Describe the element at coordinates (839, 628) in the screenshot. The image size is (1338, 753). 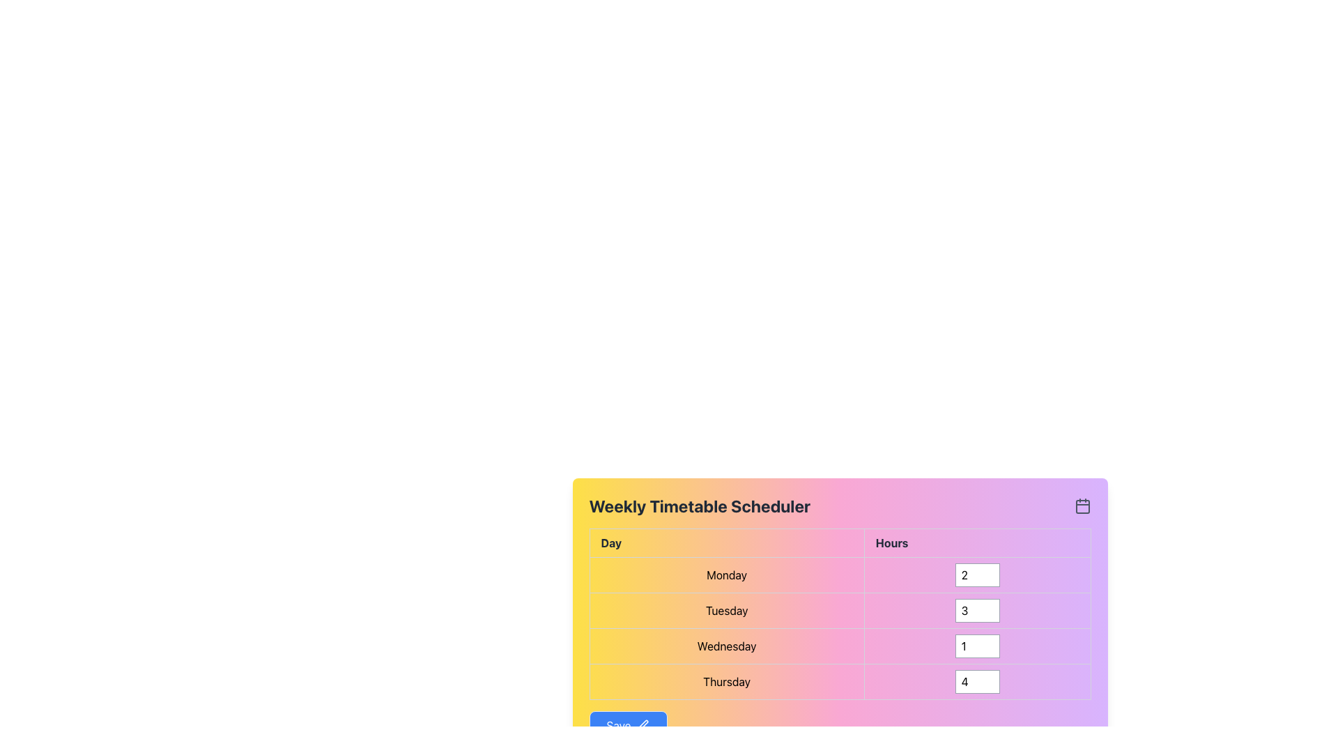
I see `the table cell located in the second row under 'Tuesday' in the column titled 'Hours'` at that location.